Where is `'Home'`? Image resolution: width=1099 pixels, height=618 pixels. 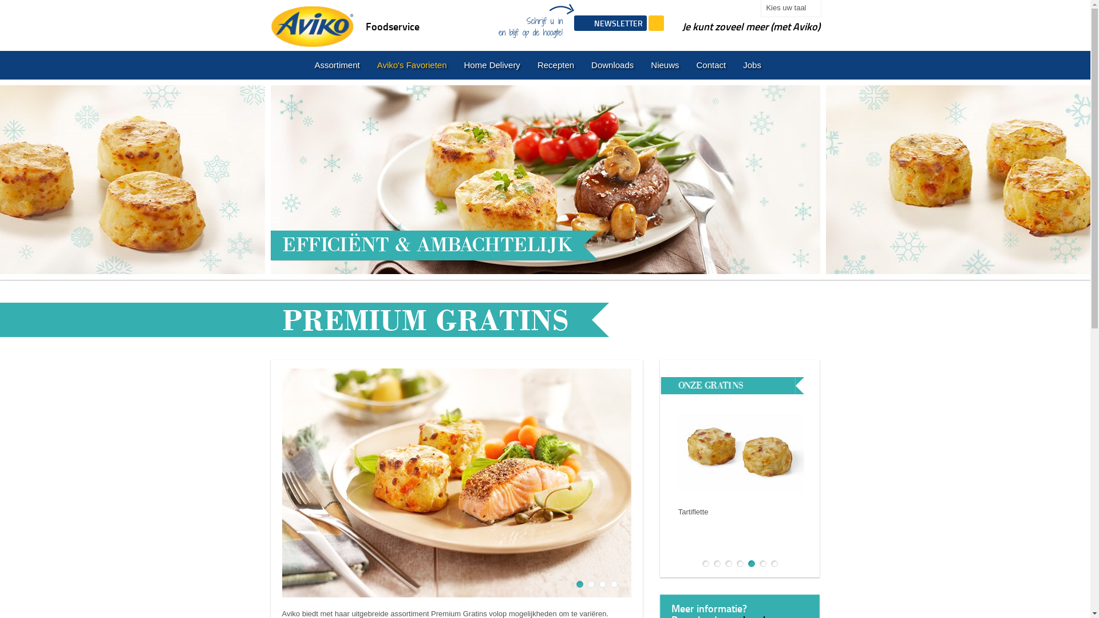
'Home' is located at coordinates (311, 24).